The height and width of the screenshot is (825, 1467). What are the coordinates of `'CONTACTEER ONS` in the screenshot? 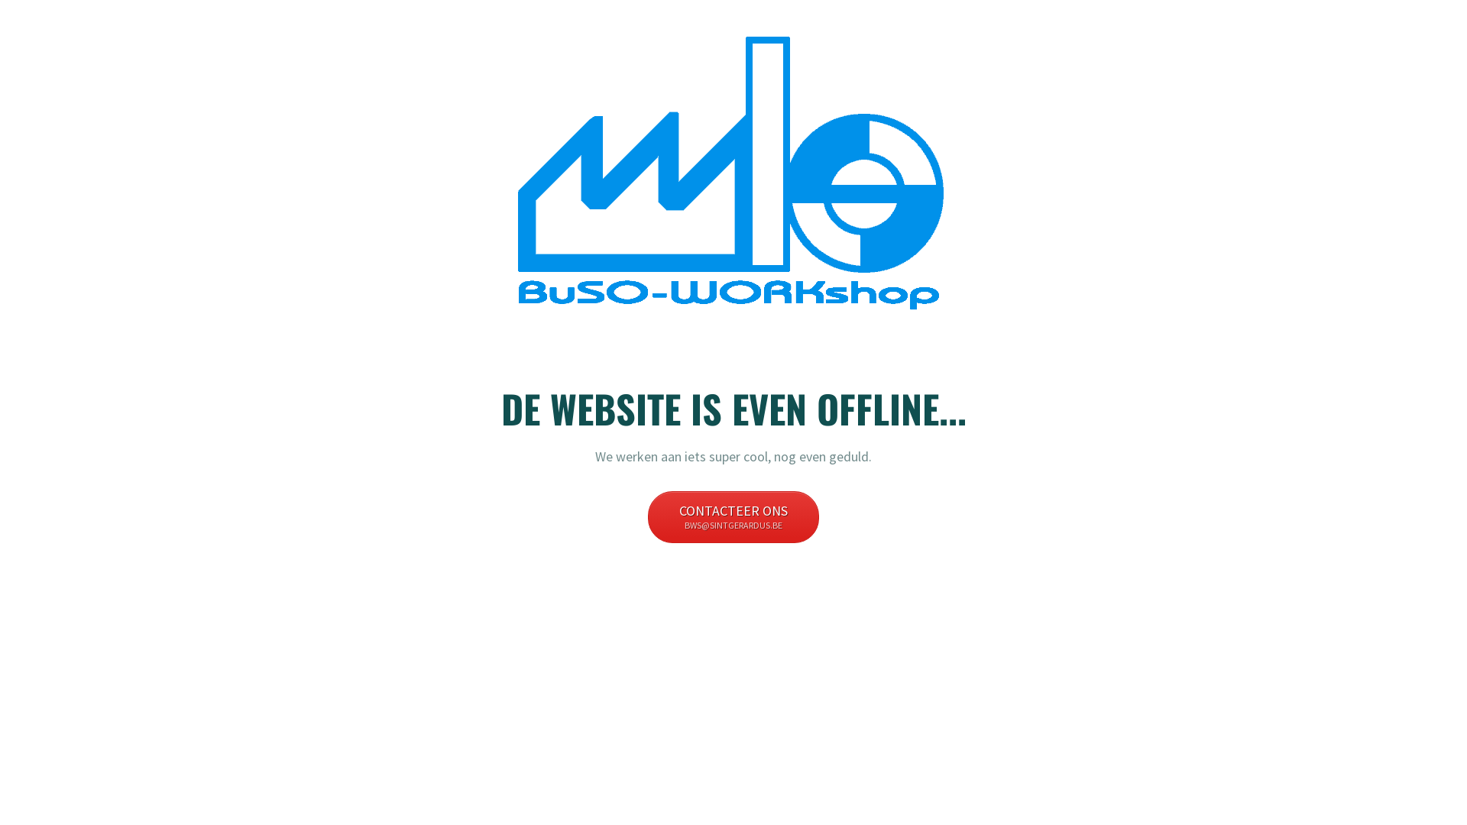 It's located at (648, 516).